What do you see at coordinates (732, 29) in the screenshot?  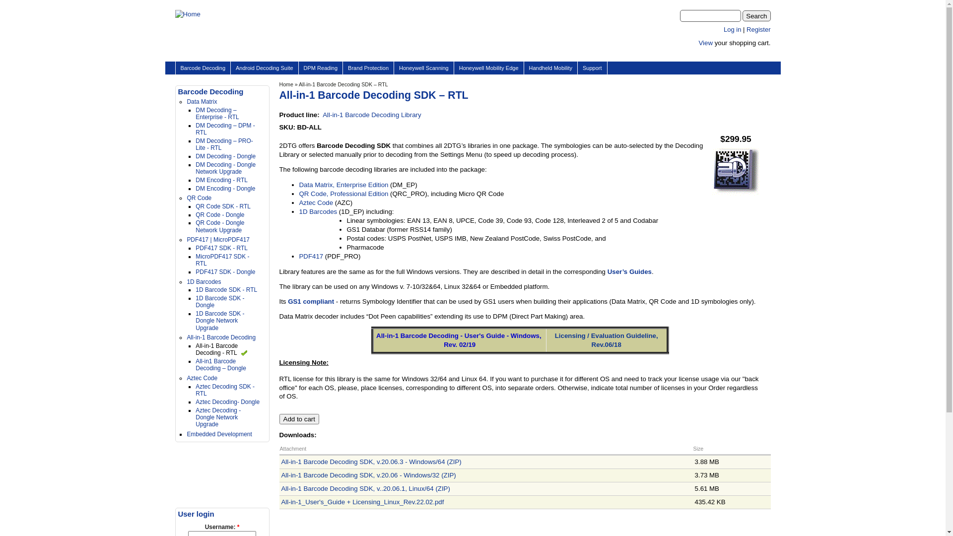 I see `'Log in'` at bounding box center [732, 29].